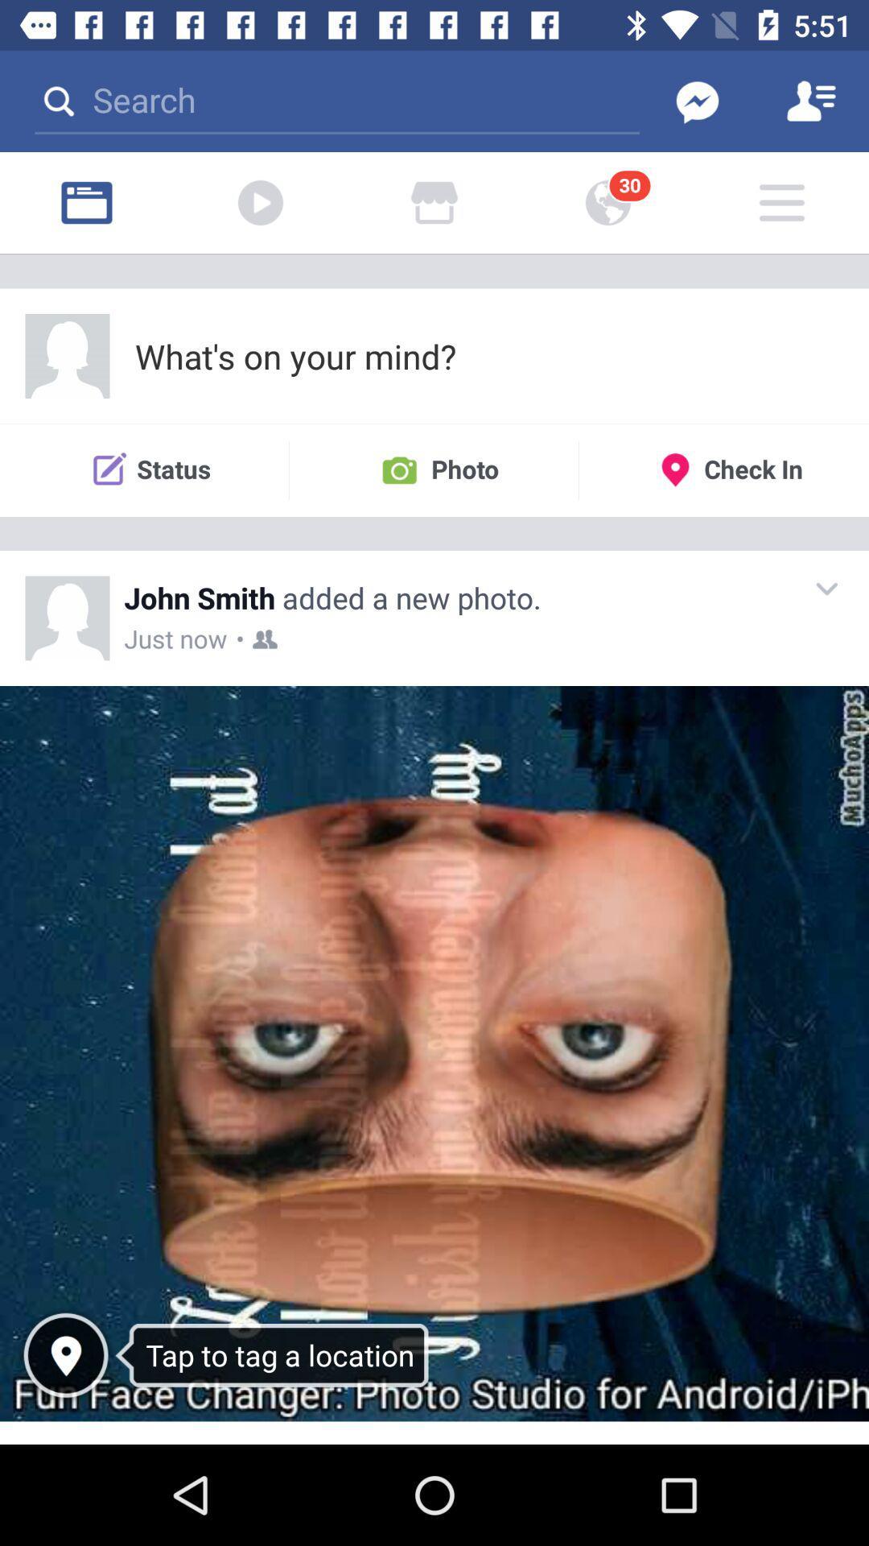 The image size is (869, 1546). Describe the element at coordinates (812, 100) in the screenshot. I see `profile button which is at top right side of the page` at that location.